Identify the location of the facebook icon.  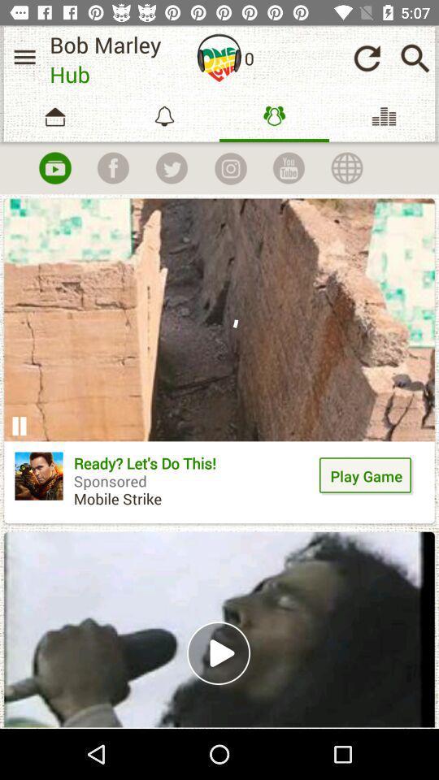
(112, 168).